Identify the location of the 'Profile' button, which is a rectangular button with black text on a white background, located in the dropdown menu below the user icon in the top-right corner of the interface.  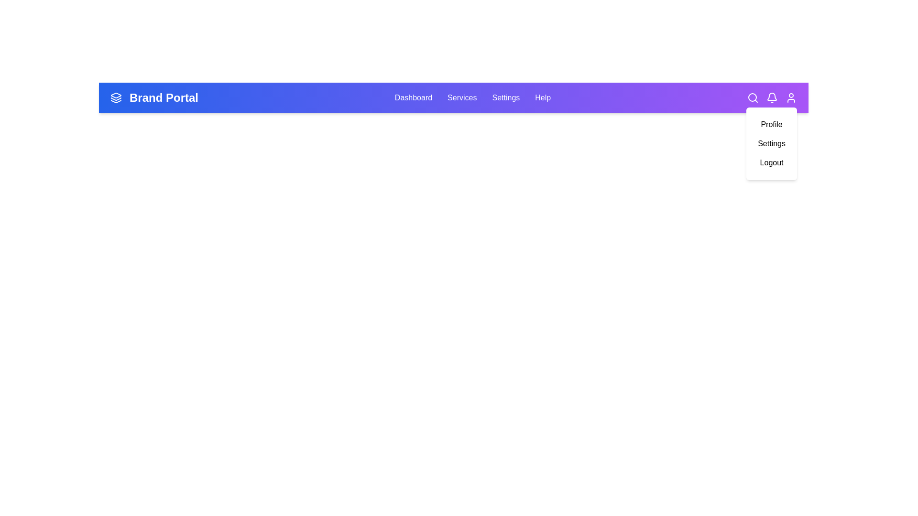
(772, 124).